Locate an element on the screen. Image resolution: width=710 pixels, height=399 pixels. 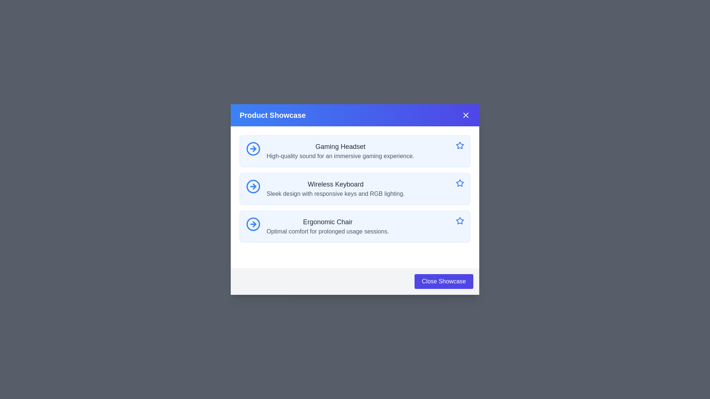
the star icon button with a blue outline located at the right side of the 'Wireless Keyboard' item is located at coordinates (459, 183).